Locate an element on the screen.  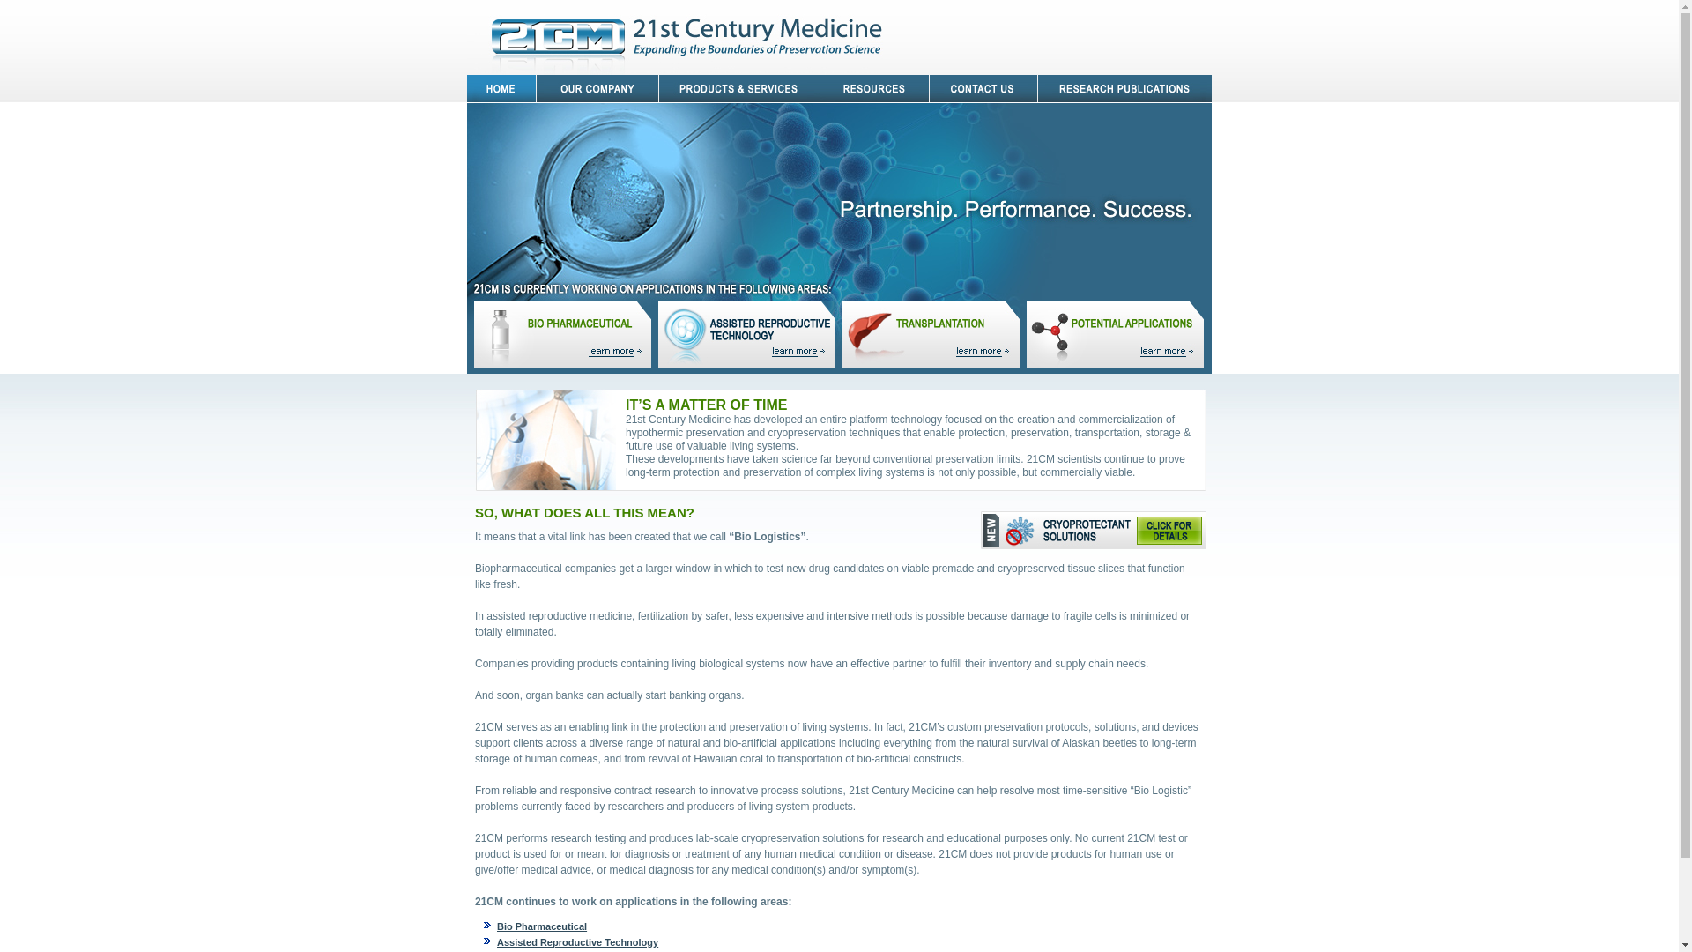
'Assisted Reproductive Technology' is located at coordinates (496, 941).